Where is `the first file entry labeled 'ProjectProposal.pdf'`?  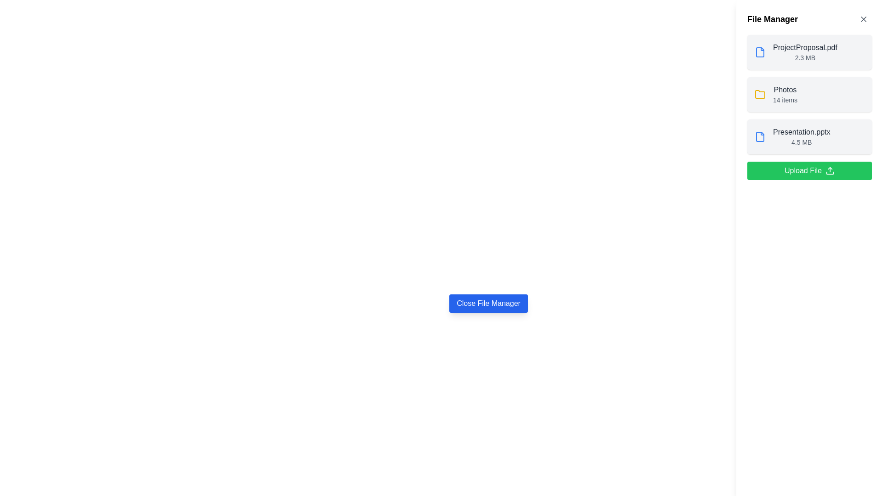
the first file entry labeled 'ProjectProposal.pdf' is located at coordinates (804, 52).